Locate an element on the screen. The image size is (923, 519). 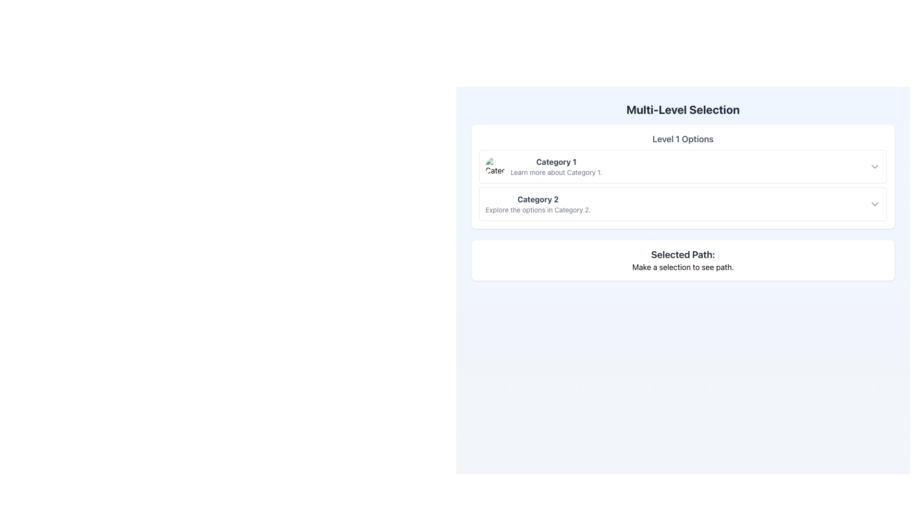
the interactive list item for 'Category 2' to enable keyboard navigation is located at coordinates (682, 203).